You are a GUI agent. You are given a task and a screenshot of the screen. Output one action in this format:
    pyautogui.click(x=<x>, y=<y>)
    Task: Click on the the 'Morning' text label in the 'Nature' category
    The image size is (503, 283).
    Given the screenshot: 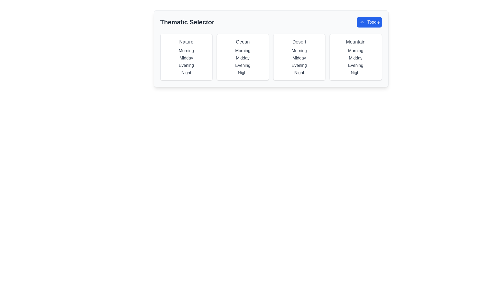 What is the action you would take?
    pyautogui.click(x=186, y=51)
    